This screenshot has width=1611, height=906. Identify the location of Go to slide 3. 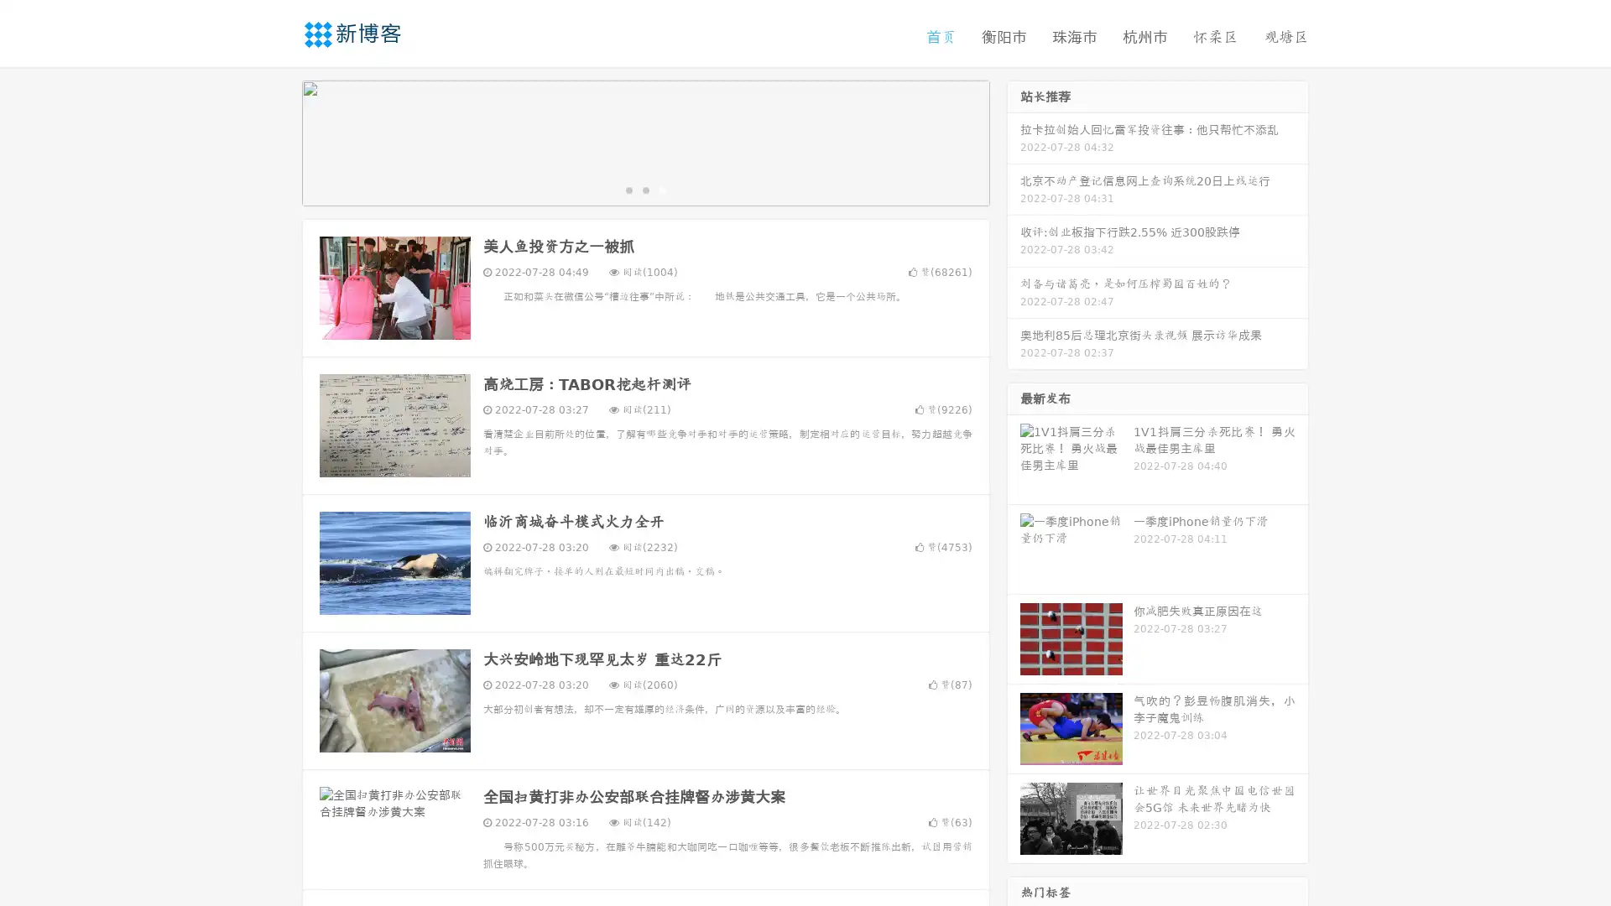
(662, 189).